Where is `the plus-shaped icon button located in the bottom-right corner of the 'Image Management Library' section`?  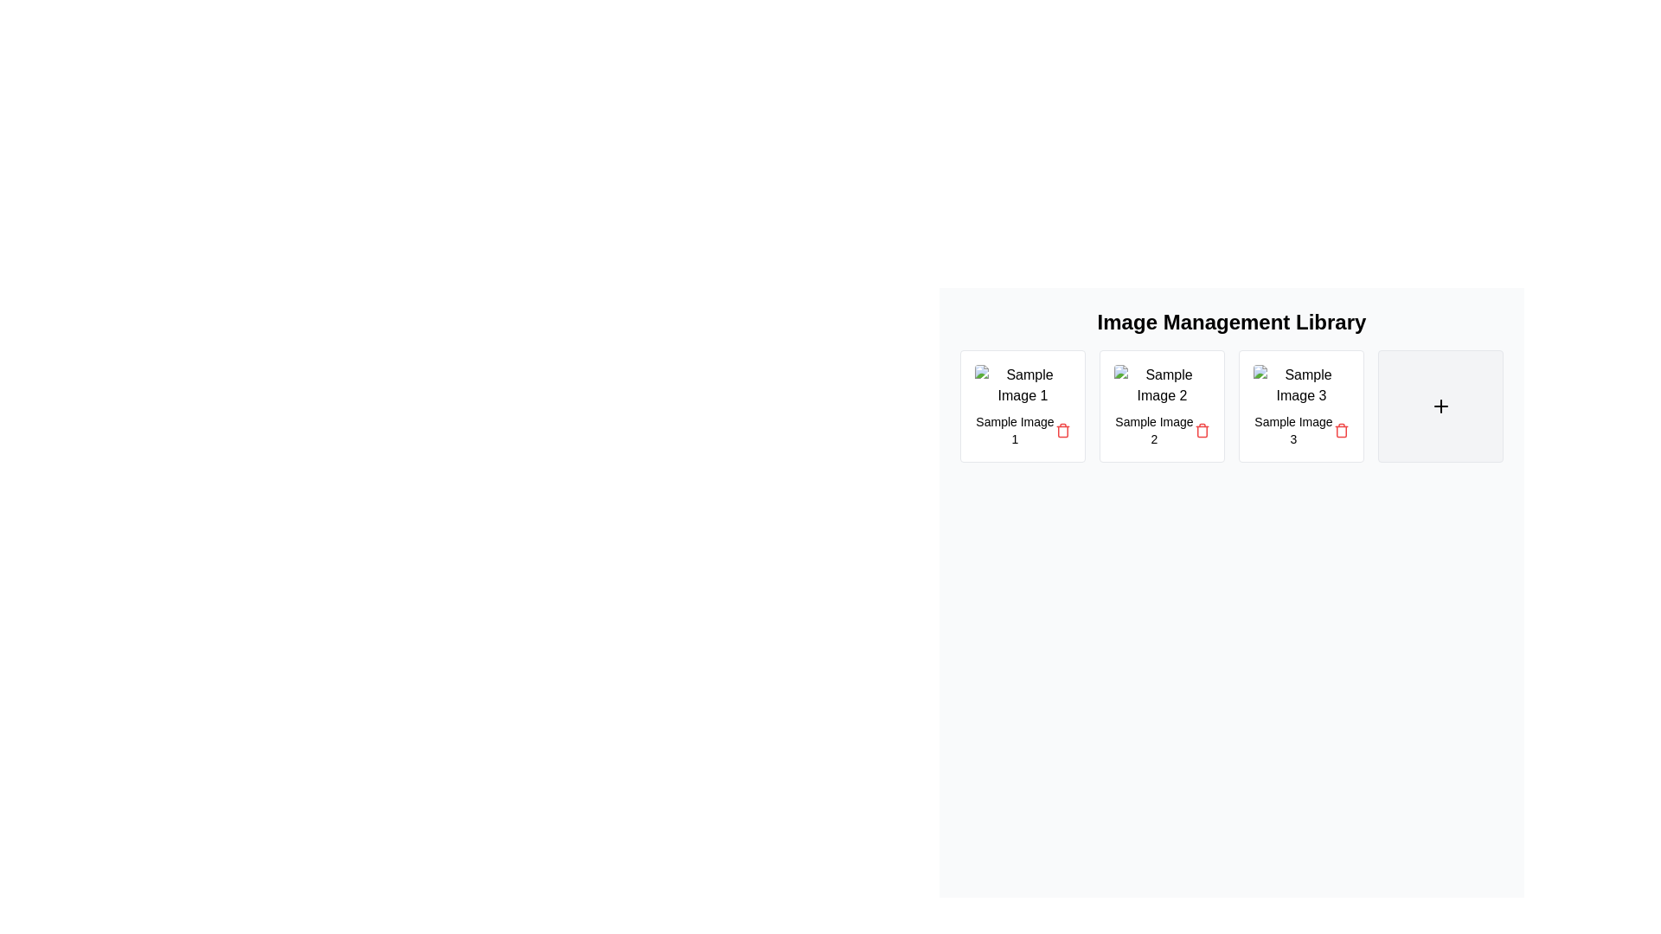
the plus-shaped icon button located in the bottom-right corner of the 'Image Management Library' section is located at coordinates (1440, 406).